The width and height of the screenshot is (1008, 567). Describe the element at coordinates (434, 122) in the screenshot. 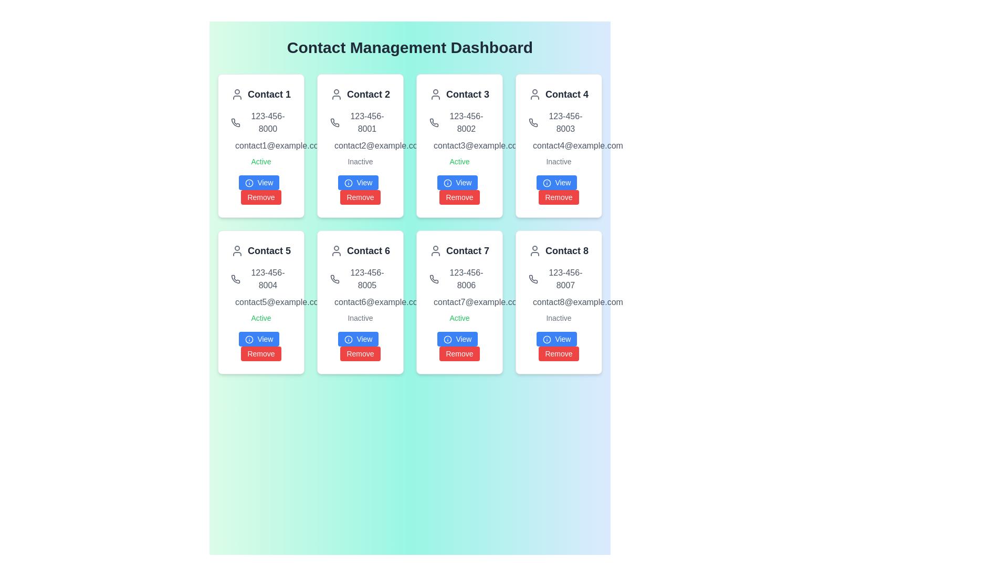

I see `the phone icon representing the contact information for '123-456-8002', located within the upper portion of the 'Contact 3' card` at that location.